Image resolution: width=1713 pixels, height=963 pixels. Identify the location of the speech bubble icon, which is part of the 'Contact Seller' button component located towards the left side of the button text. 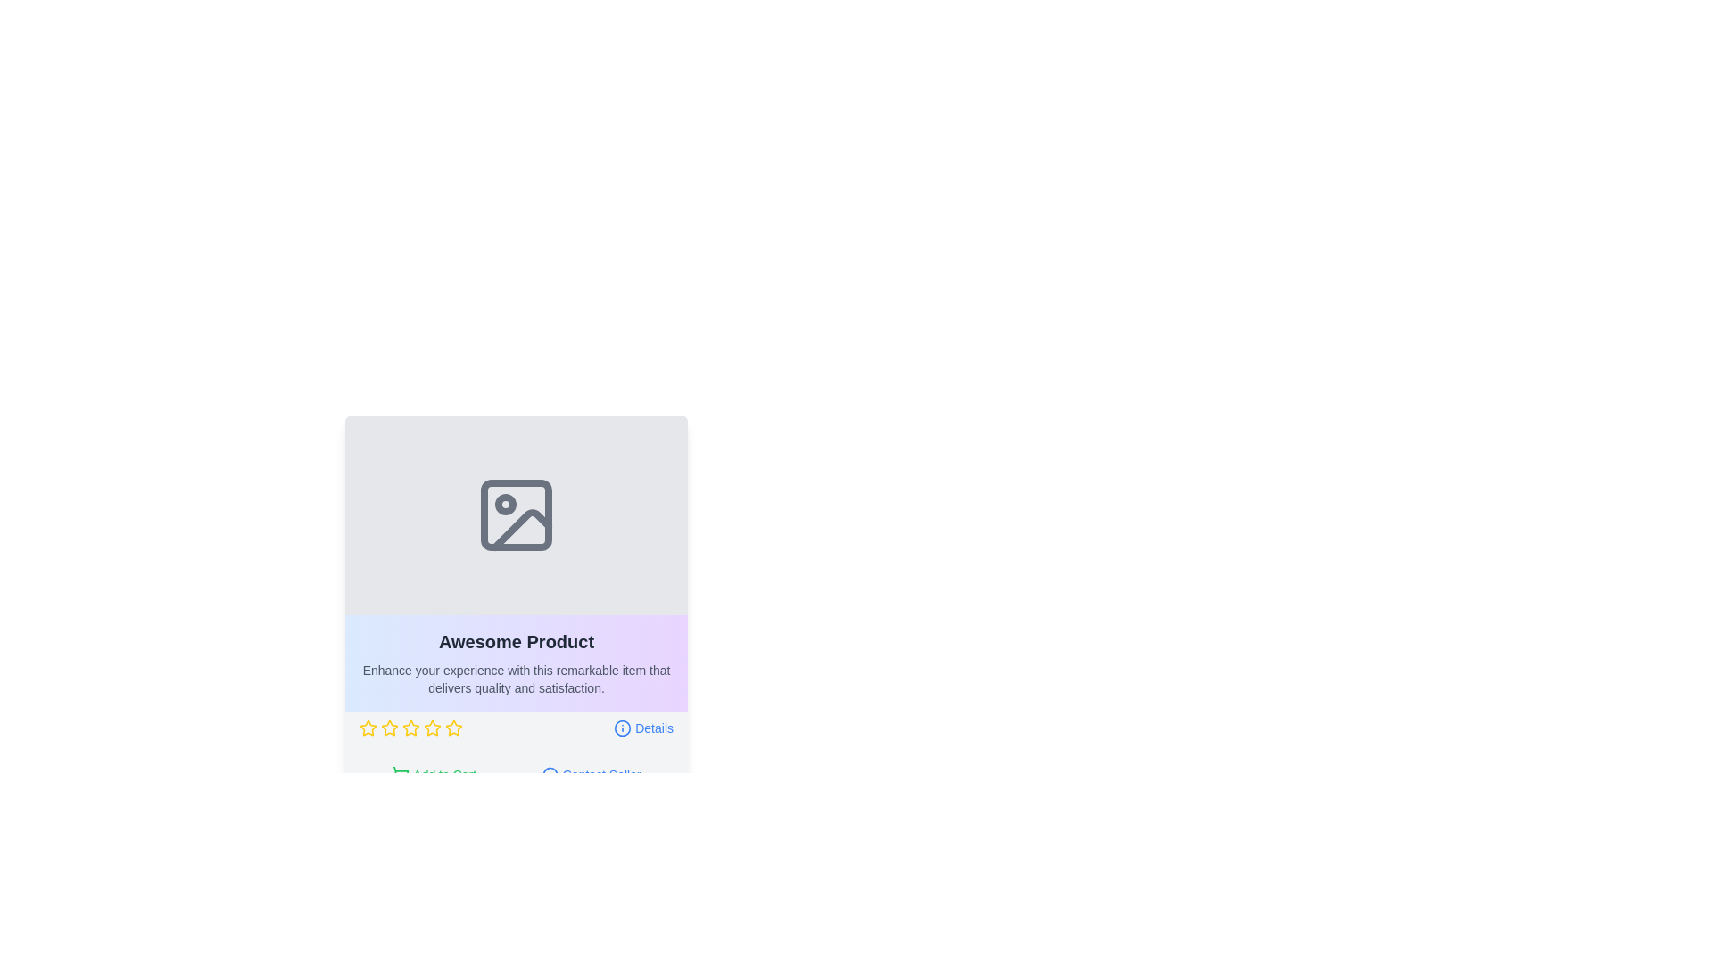
(549, 773).